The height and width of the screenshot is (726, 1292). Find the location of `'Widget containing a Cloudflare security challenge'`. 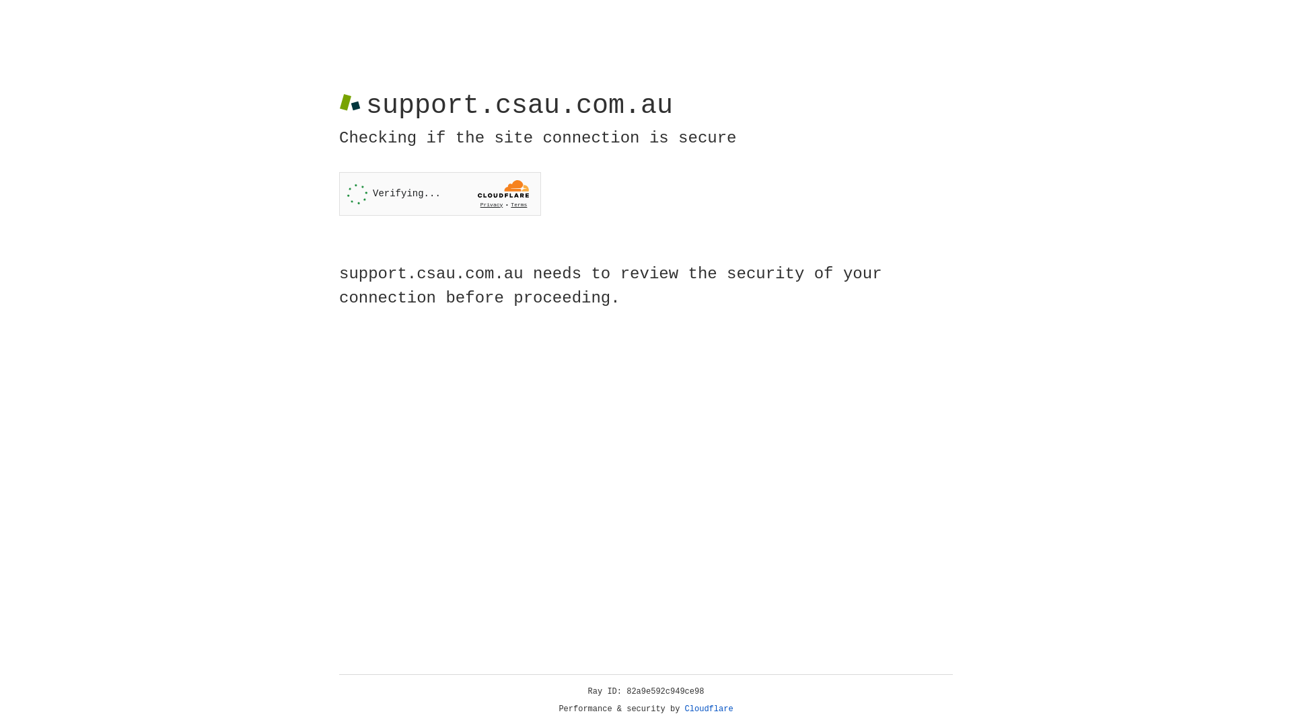

'Widget containing a Cloudflare security challenge' is located at coordinates (439, 194).